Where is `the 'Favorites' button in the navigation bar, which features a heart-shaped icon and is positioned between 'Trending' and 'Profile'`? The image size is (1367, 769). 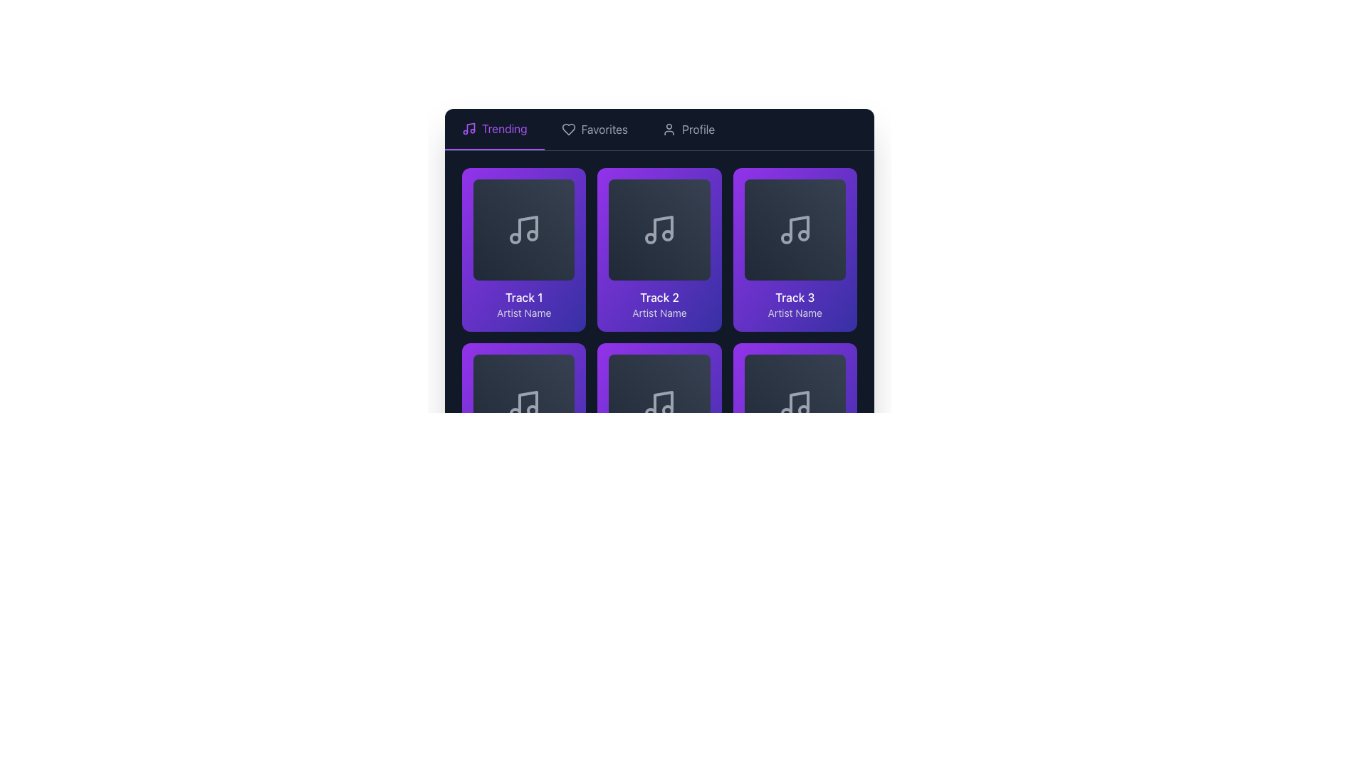 the 'Favorites' button in the navigation bar, which features a heart-shaped icon and is positioned between 'Trending' and 'Profile' is located at coordinates (595, 129).